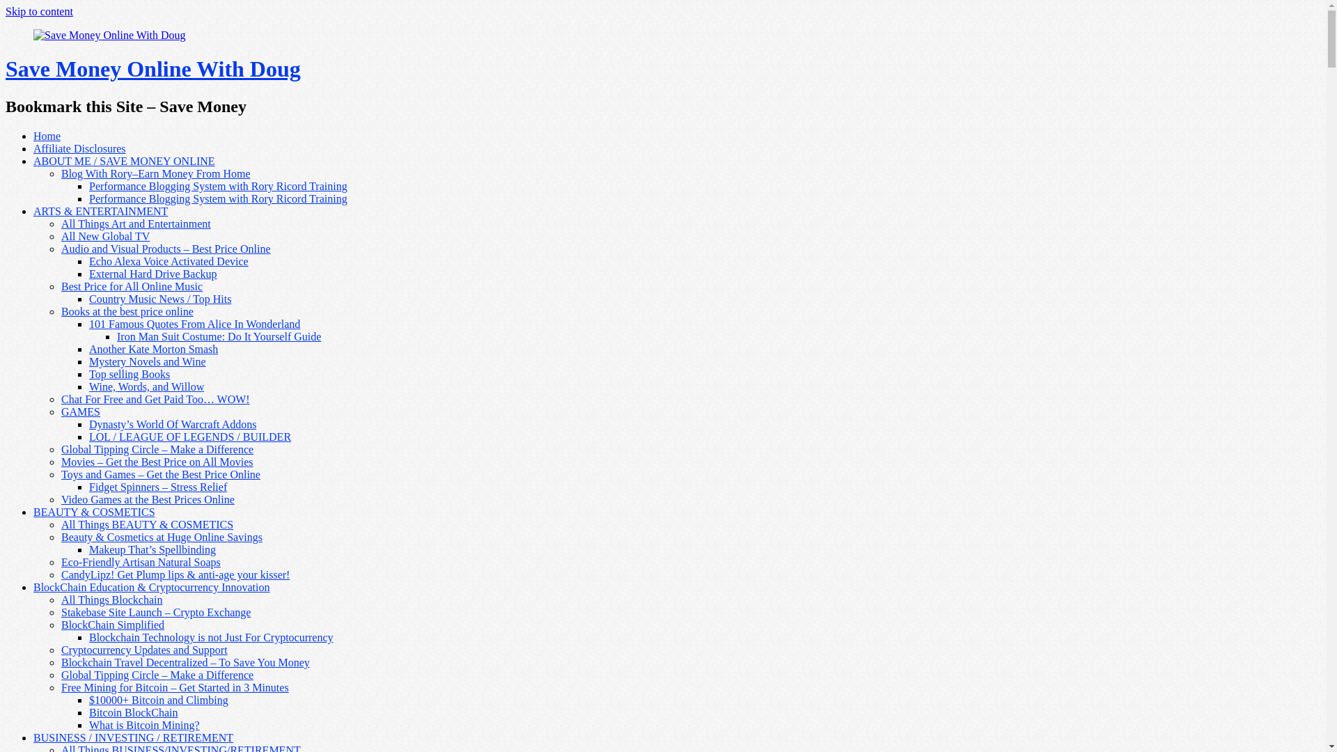 The height and width of the screenshot is (752, 1337). What do you see at coordinates (194, 324) in the screenshot?
I see `'101 Famous Quotes From Alice In Wonderland'` at bounding box center [194, 324].